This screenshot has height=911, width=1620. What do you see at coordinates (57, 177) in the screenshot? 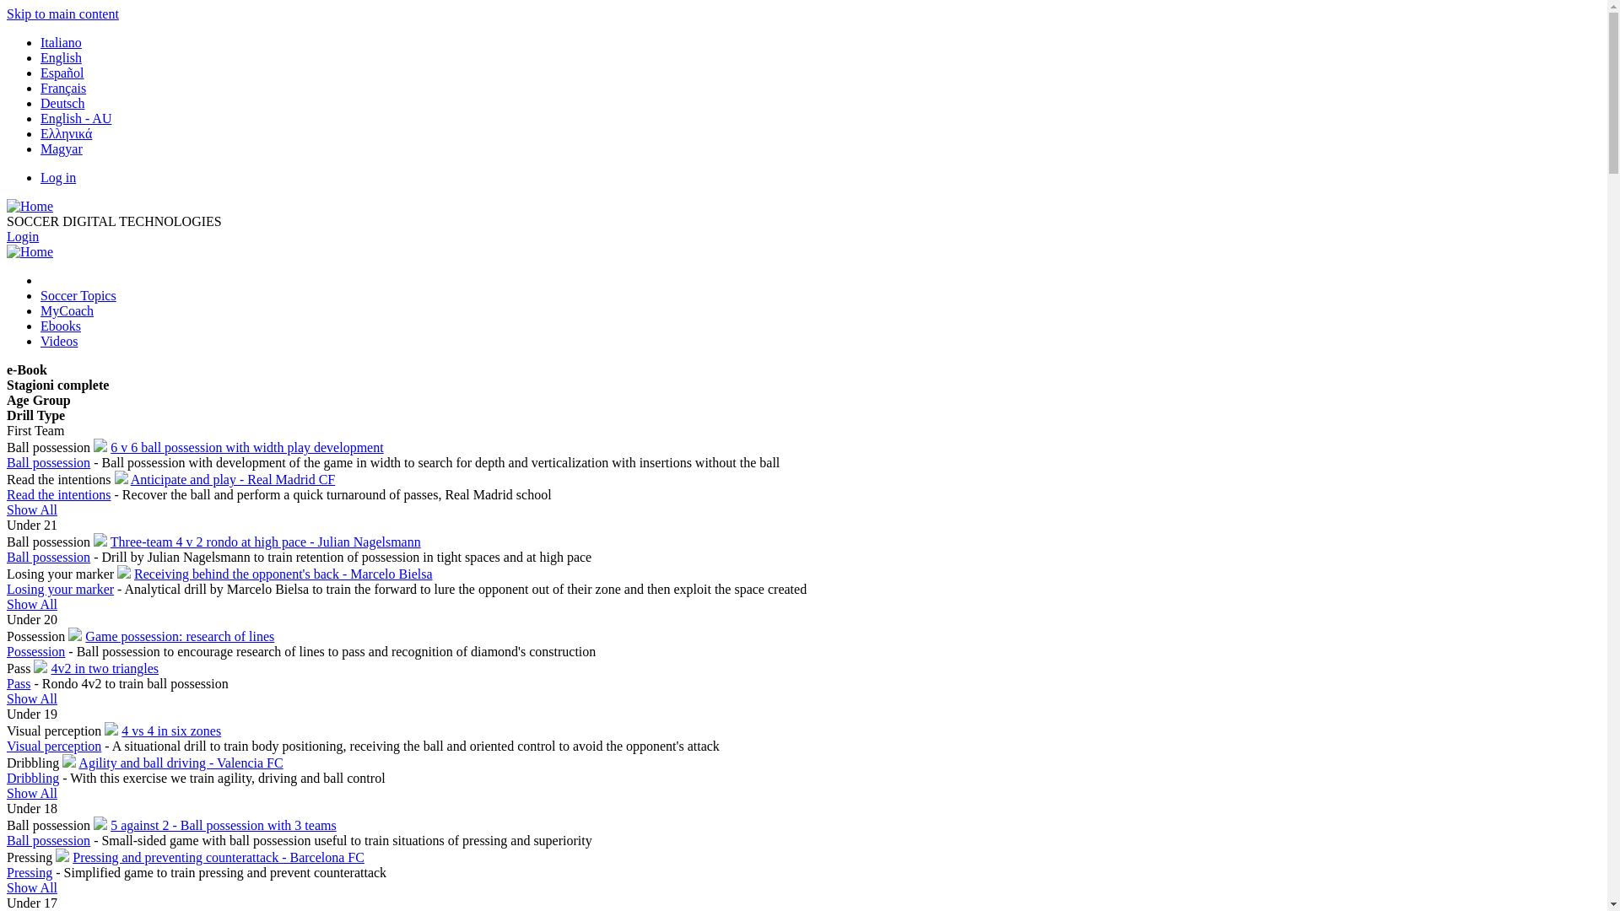
I see `'Log in'` at bounding box center [57, 177].